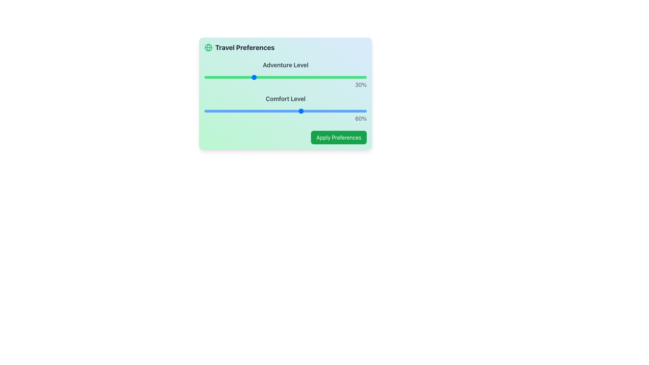  I want to click on the Range Slider to set a value for 'Adventure Level' located between the text 'Adventure Level' and '30%', so click(285, 77).